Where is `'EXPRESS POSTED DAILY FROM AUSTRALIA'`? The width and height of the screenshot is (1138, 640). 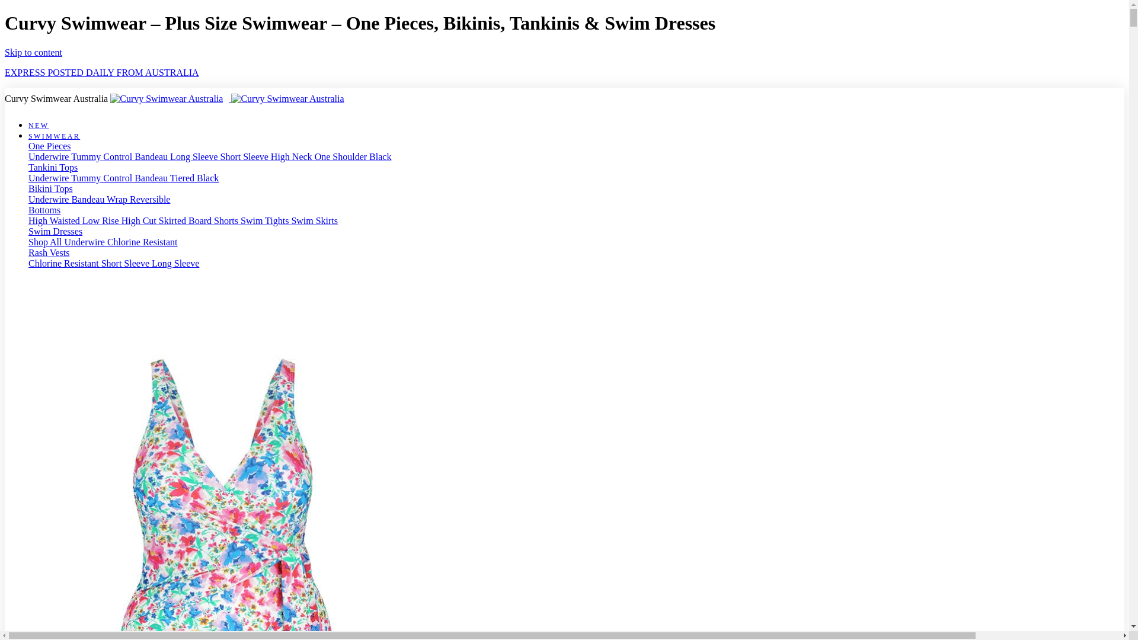 'EXPRESS POSTED DAILY FROM AUSTRALIA' is located at coordinates (102, 72).